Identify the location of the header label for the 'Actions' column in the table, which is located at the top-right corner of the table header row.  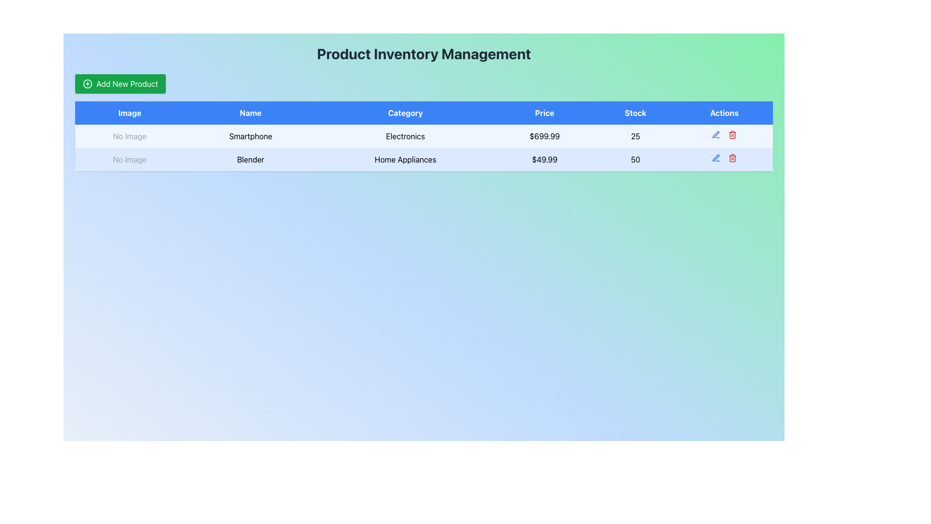
(724, 112).